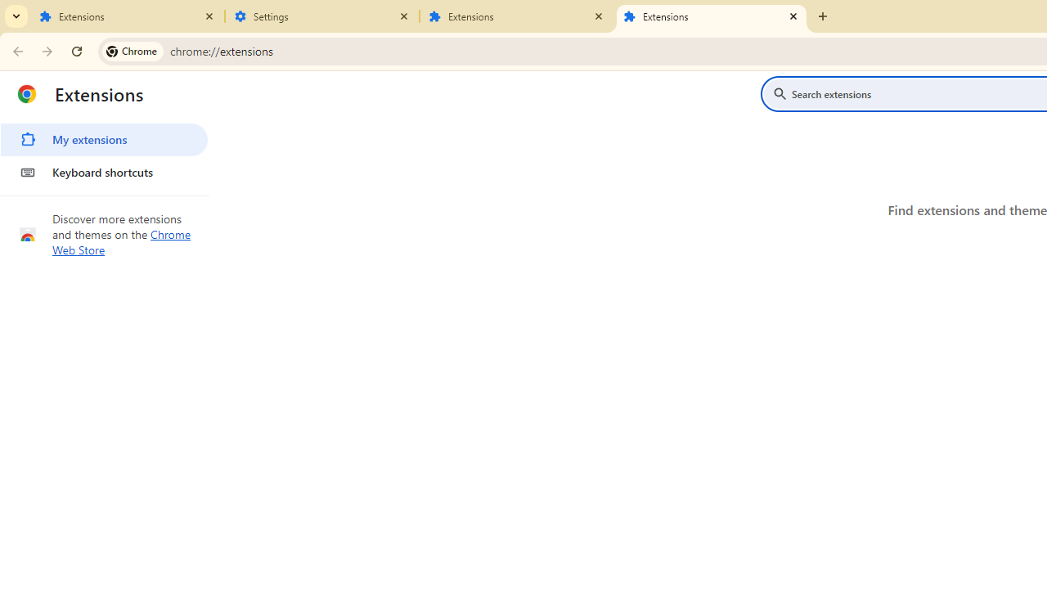 The height and width of the screenshot is (589, 1047). What do you see at coordinates (121, 242) in the screenshot?
I see `'Chrome Web Store'` at bounding box center [121, 242].